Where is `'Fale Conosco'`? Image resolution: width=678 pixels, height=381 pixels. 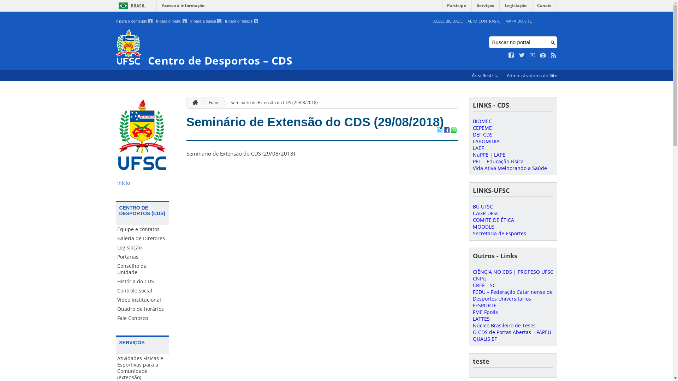
'Fale Conosco' is located at coordinates (115, 318).